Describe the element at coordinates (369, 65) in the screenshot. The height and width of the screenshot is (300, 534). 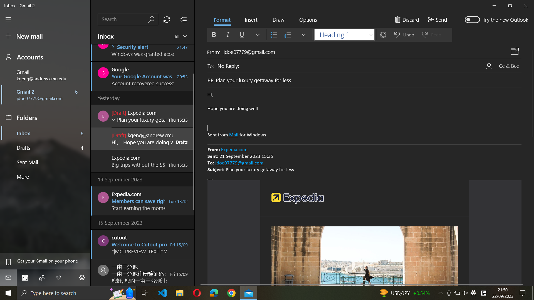
I see `Update the email recipient to "abc@example.com` at that location.